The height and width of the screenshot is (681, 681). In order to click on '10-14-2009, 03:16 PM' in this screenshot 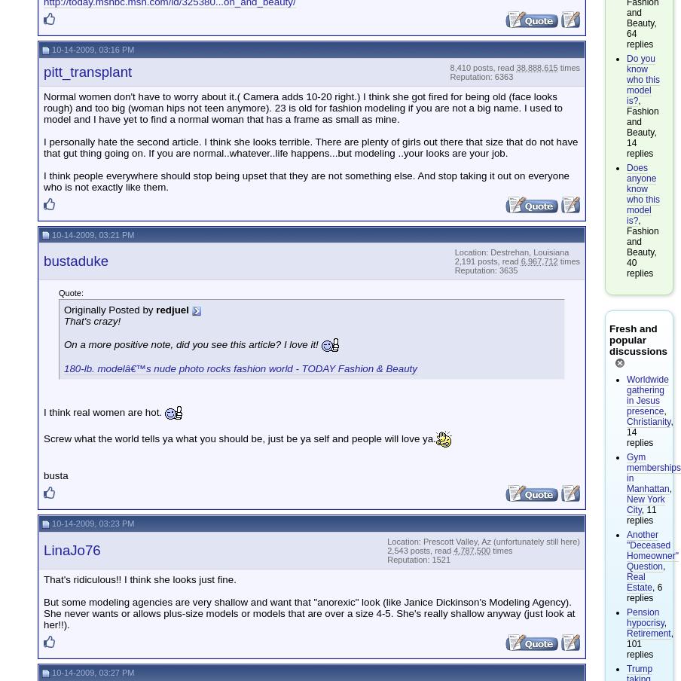, I will do `click(49, 49)`.